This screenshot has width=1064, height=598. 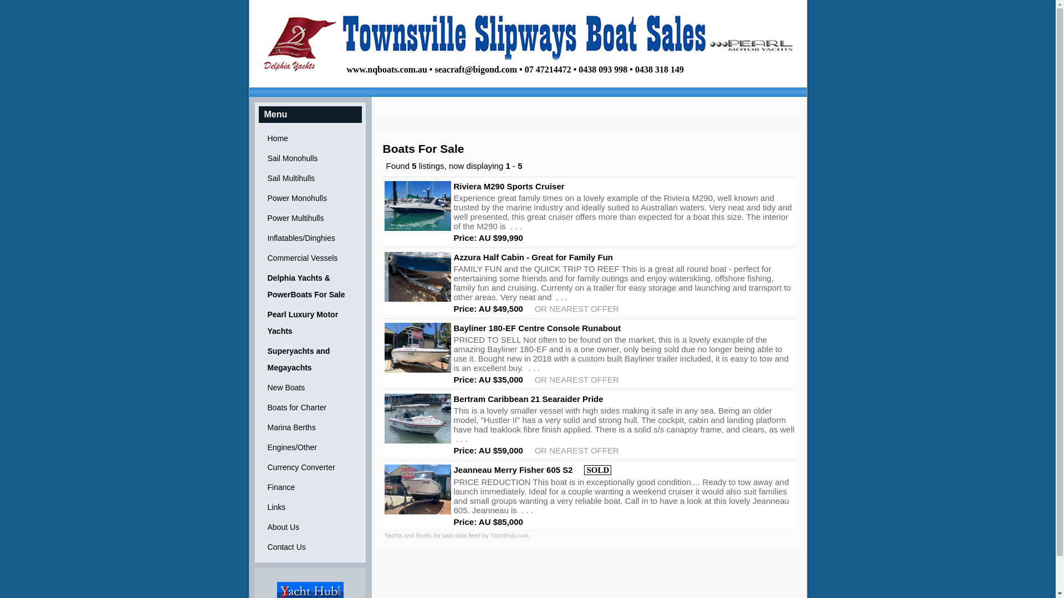 I want to click on 'Contact Us', so click(x=310, y=546).